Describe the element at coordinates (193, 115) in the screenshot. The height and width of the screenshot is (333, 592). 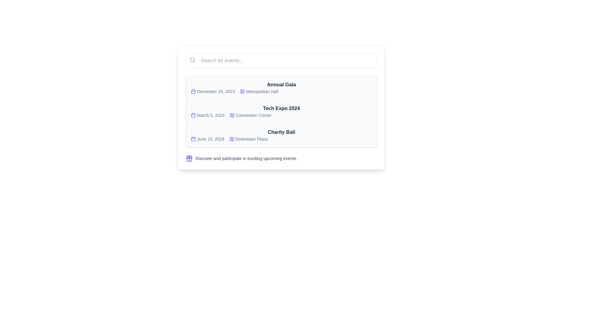
I see `the calendar icon with a blue outline located to the left of the text 'March 5, 2024' in the second list item of the event listing` at that location.